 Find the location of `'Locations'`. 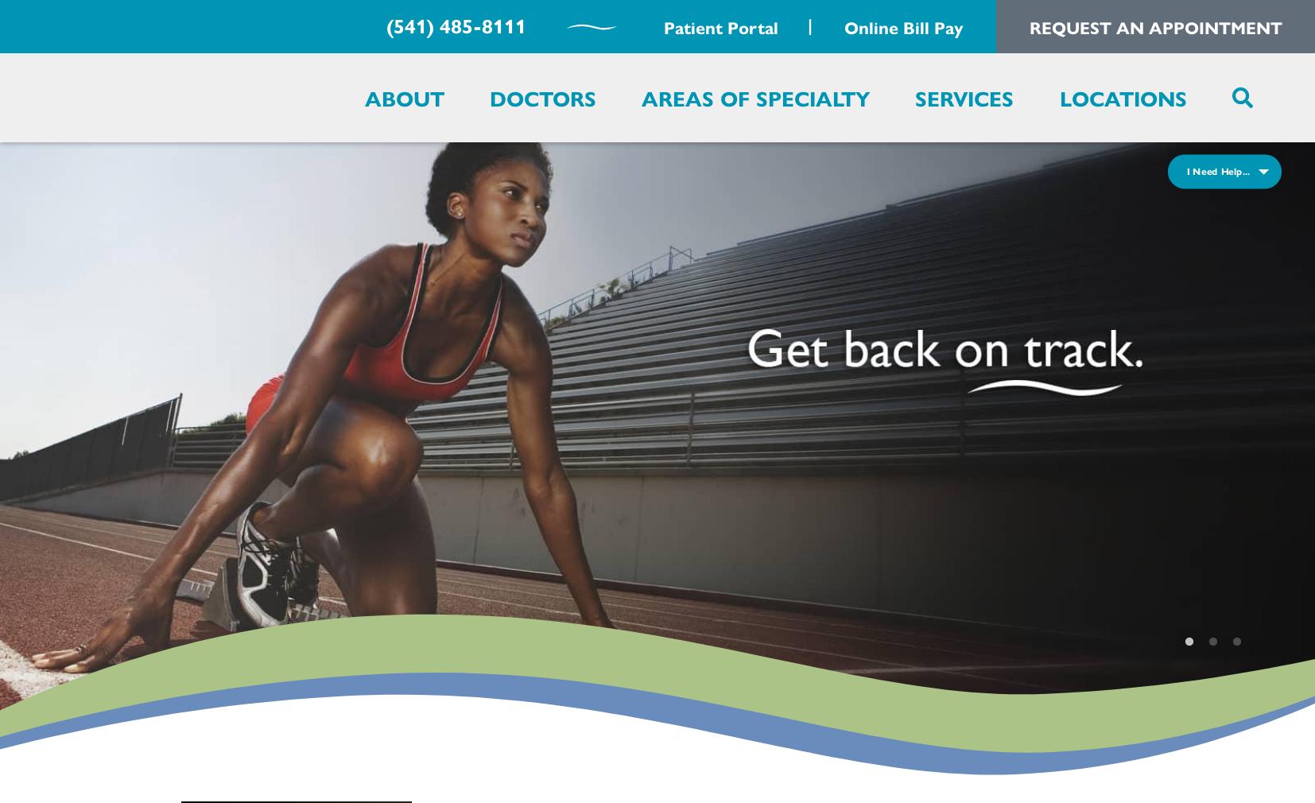

'Locations' is located at coordinates (1123, 96).